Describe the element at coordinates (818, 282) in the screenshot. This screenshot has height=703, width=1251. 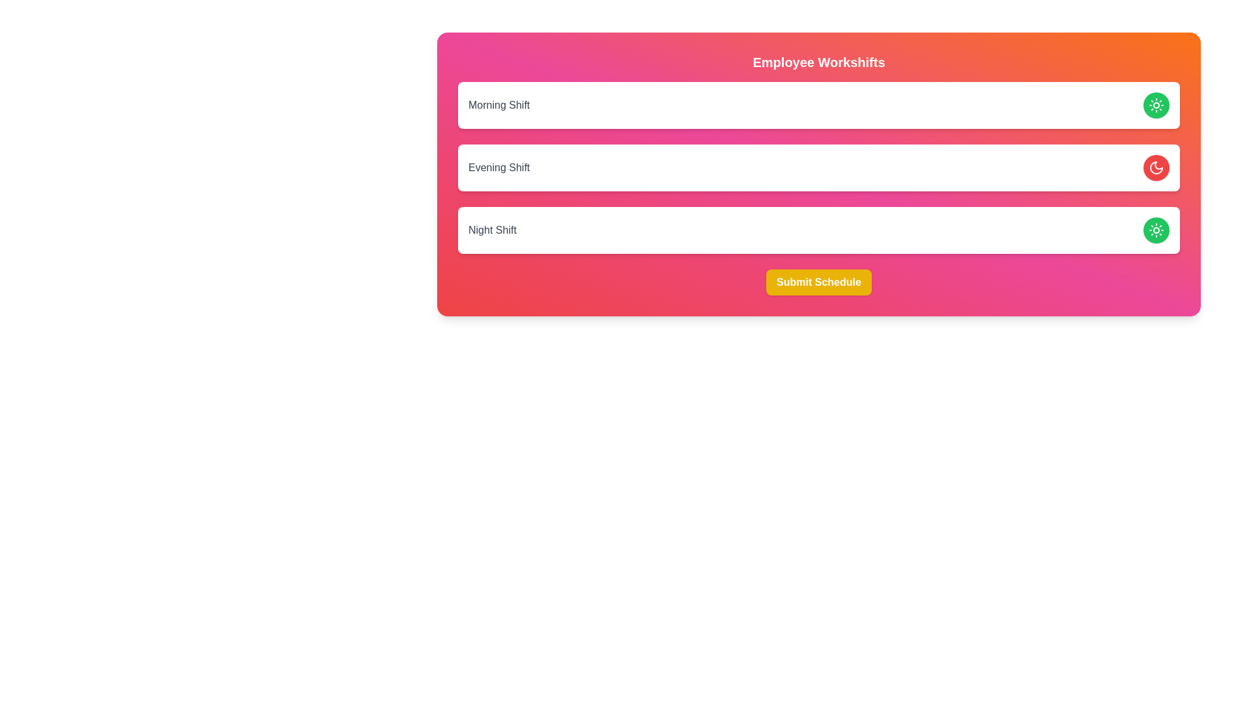
I see `the 'Submit Schedule' button to save the current shift configuration` at that location.